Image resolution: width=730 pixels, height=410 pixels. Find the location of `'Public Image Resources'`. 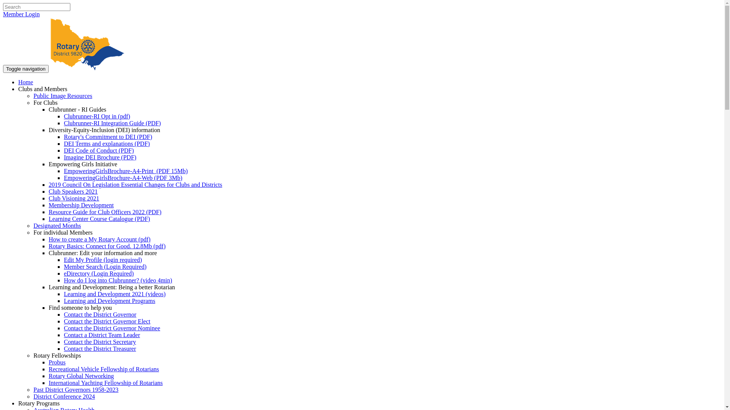

'Public Image Resources' is located at coordinates (63, 95).